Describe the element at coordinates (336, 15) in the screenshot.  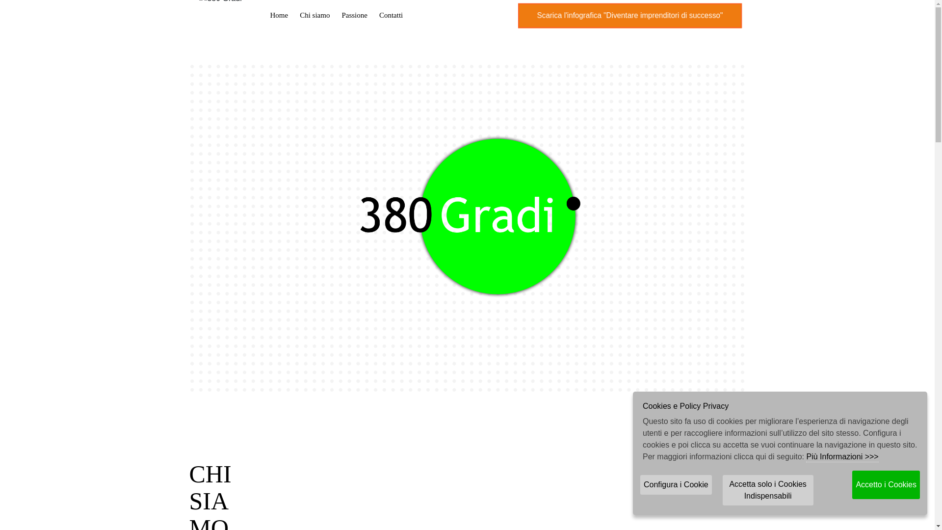
I see `'Passione'` at that location.